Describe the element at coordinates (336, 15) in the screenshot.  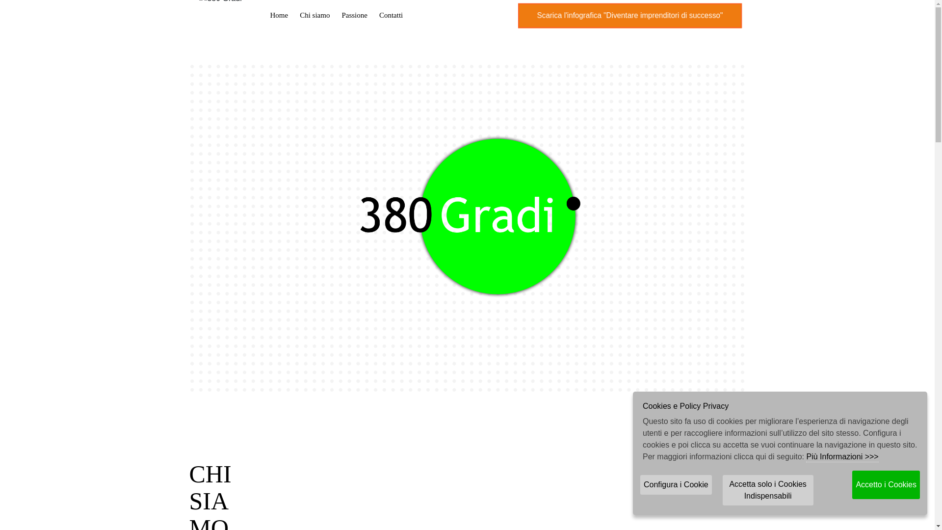
I see `'Passione'` at that location.